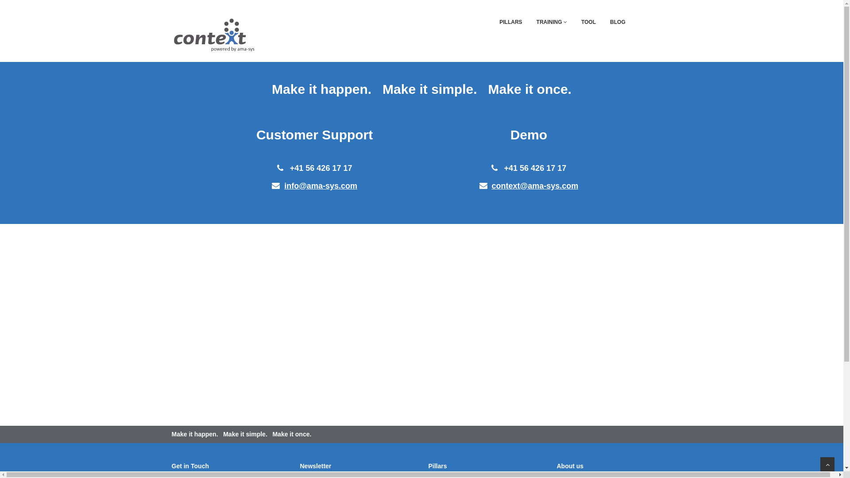 The width and height of the screenshot is (850, 478). What do you see at coordinates (588, 22) in the screenshot?
I see `'TOOL'` at bounding box center [588, 22].